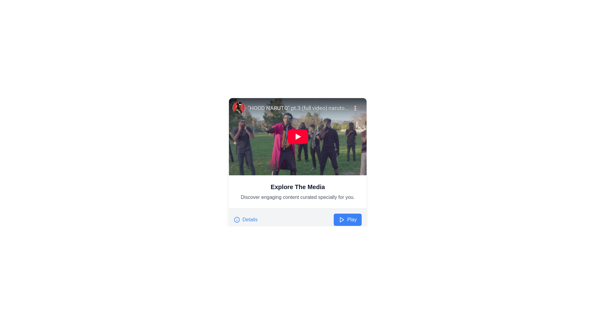 The height and width of the screenshot is (331, 590). I want to click on the text label that serves as a headline or title, positioned beneath a video thumbnail with a play button, so click(298, 186).